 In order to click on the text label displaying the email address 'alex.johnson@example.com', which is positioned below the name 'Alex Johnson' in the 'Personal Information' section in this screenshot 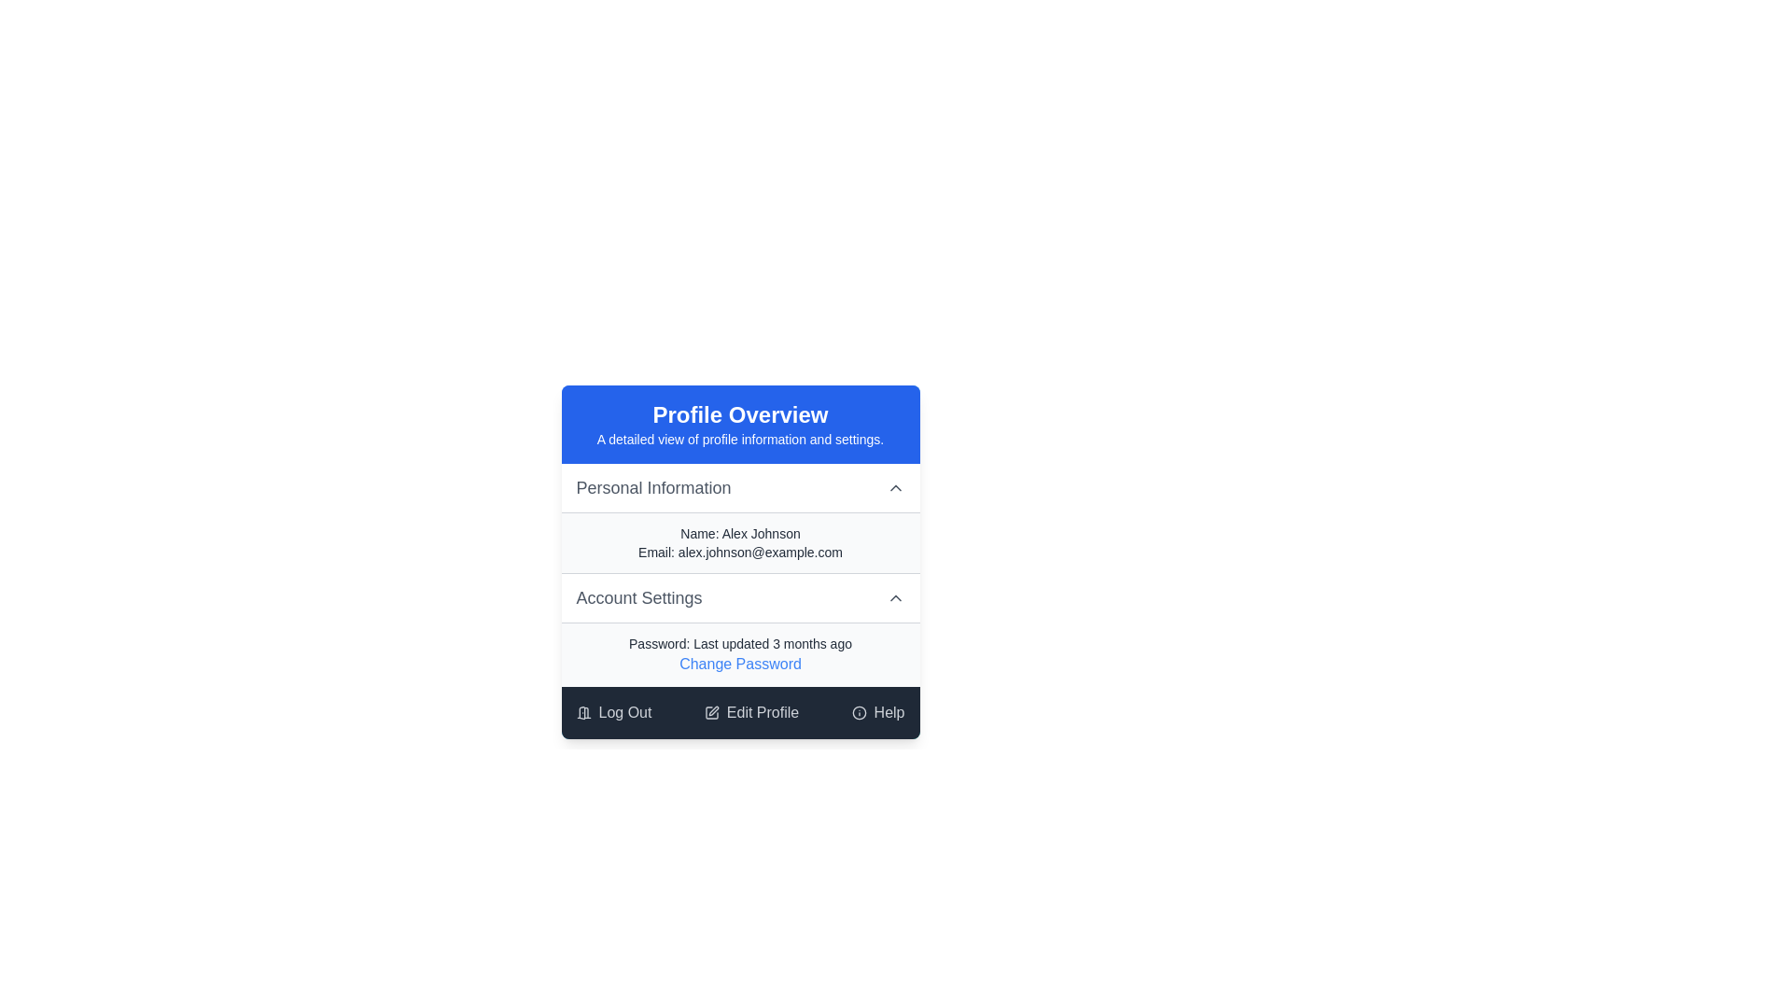, I will do `click(739, 551)`.